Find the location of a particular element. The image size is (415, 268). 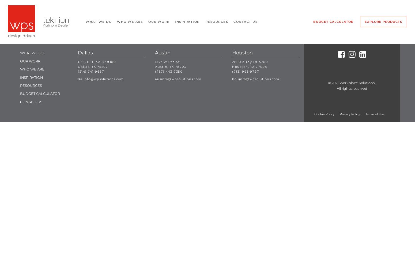

'(713) 993-9797' is located at coordinates (246, 71).